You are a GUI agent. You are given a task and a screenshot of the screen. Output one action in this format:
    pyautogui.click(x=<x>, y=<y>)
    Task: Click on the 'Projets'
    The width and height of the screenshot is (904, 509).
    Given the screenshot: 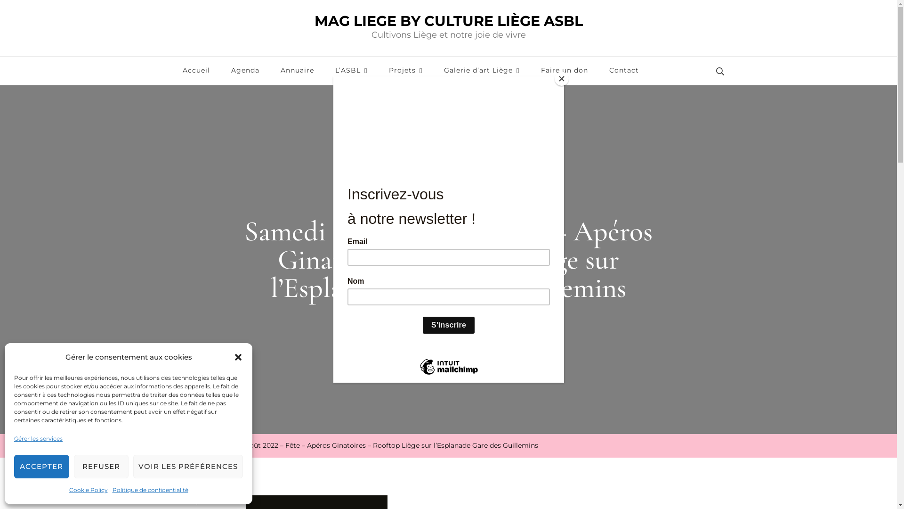 What is the action you would take?
    pyautogui.click(x=406, y=70)
    